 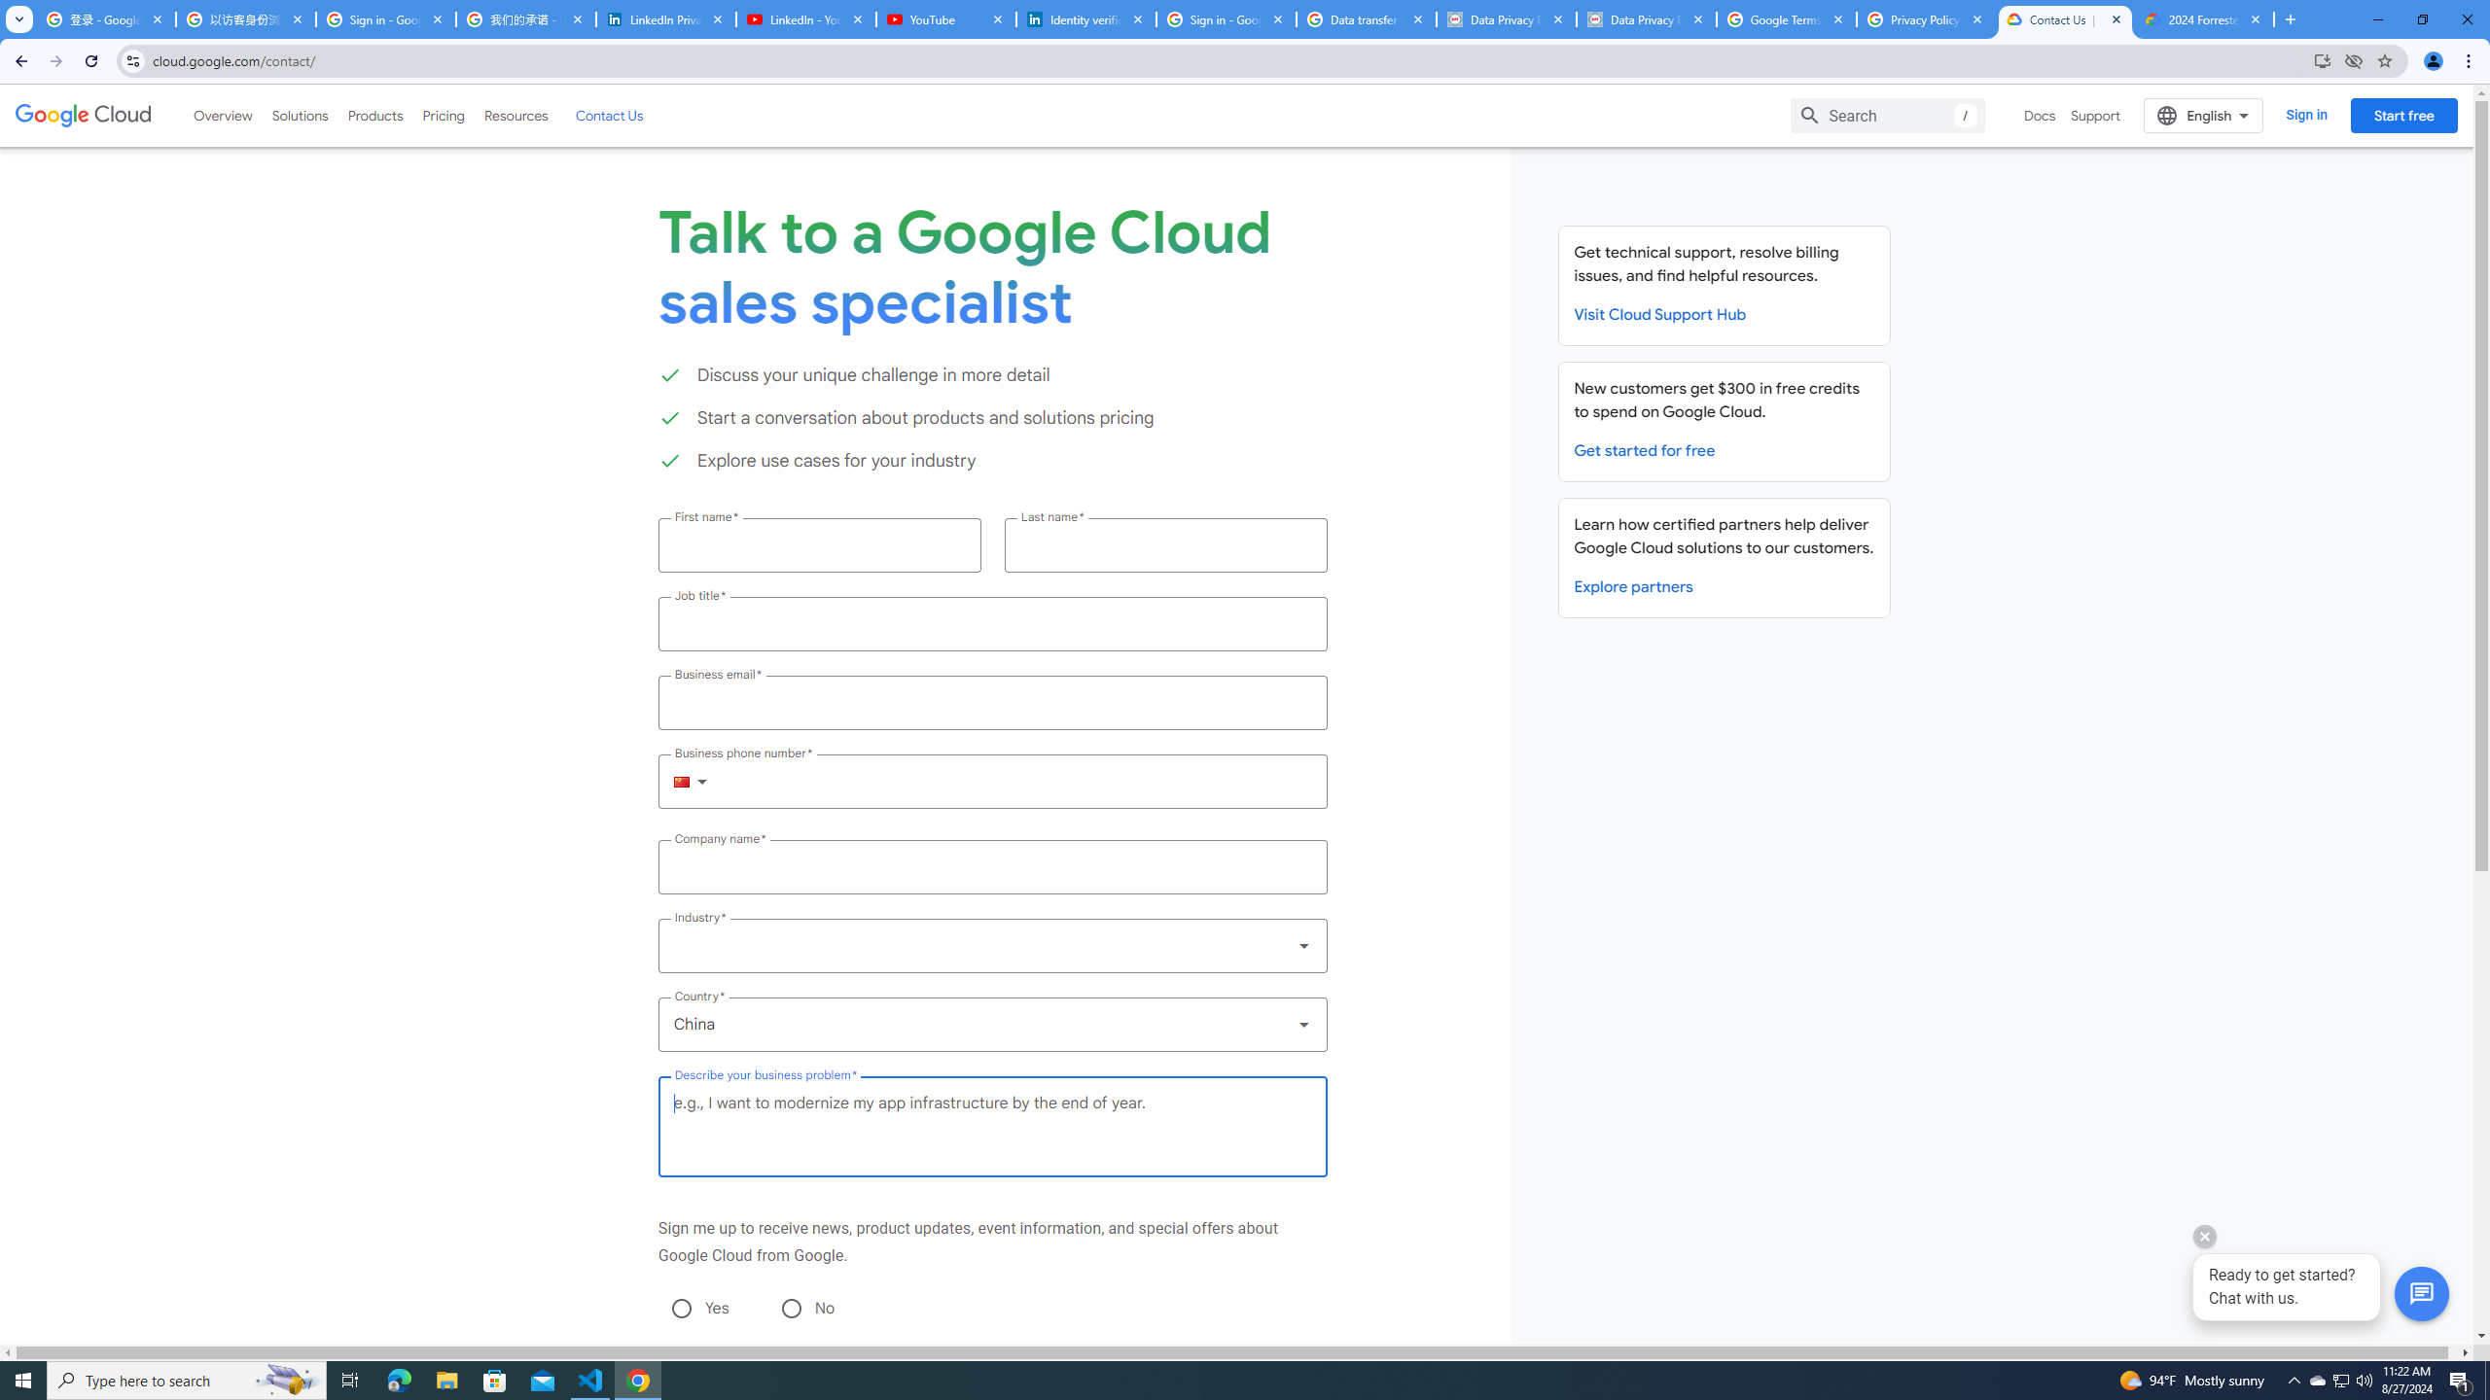 What do you see at coordinates (2402, 115) in the screenshot?
I see `'Start free'` at bounding box center [2402, 115].